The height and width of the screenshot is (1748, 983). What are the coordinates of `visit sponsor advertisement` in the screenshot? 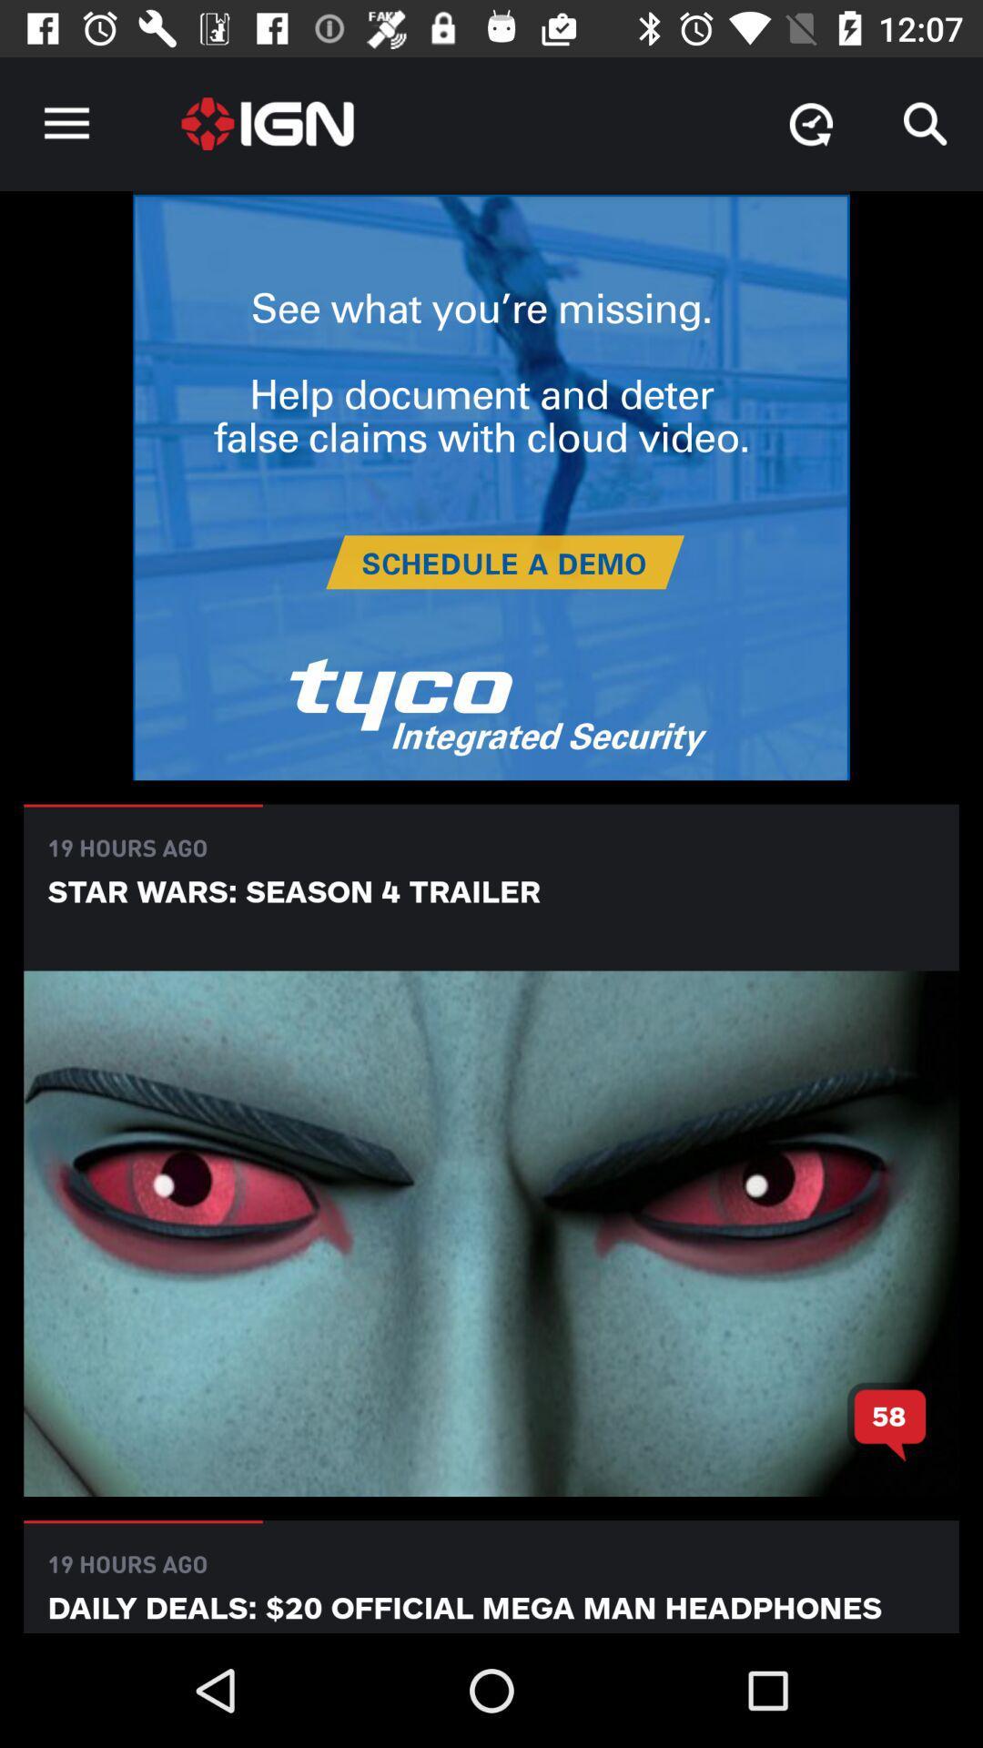 It's located at (491, 487).